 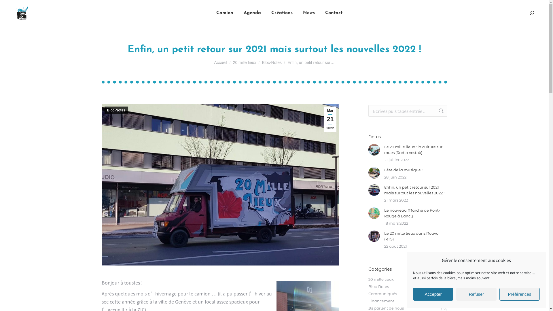 What do you see at coordinates (330, 119) in the screenshot?
I see `'Mar` at bounding box center [330, 119].